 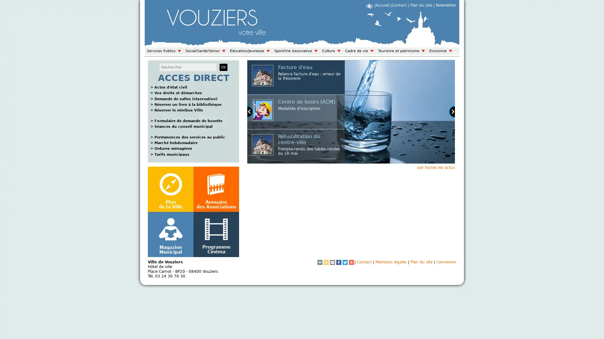 I want to click on Ok, so click(x=223, y=67).